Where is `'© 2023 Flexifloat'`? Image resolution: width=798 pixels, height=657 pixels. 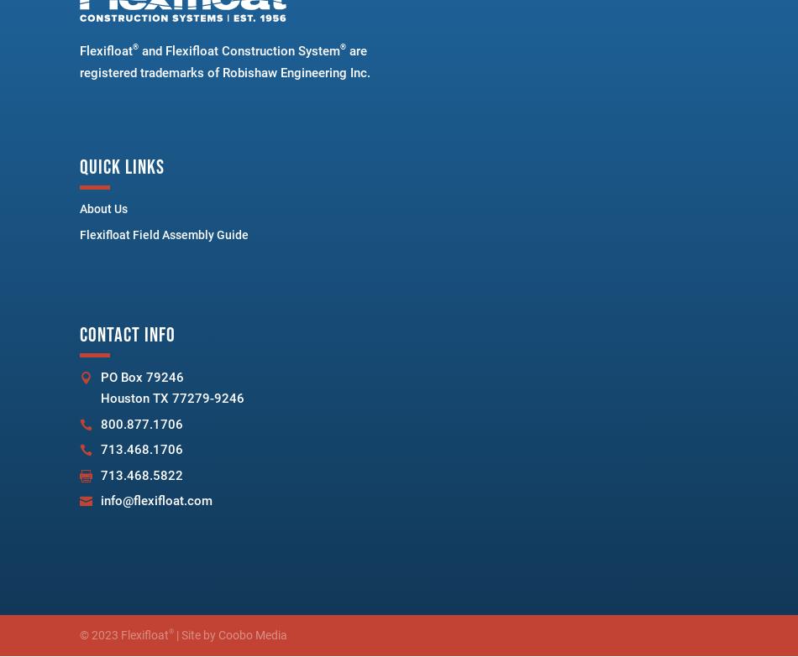 '© 2023 Flexifloat' is located at coordinates (124, 633).